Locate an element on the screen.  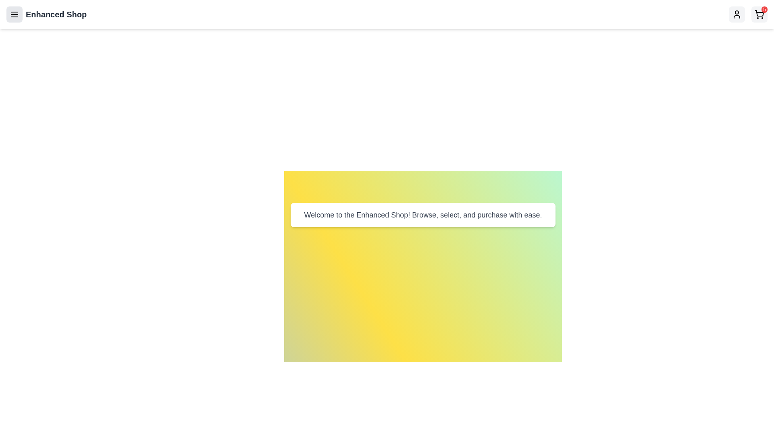
the menu icon to toggle the menu is located at coordinates (14, 14).